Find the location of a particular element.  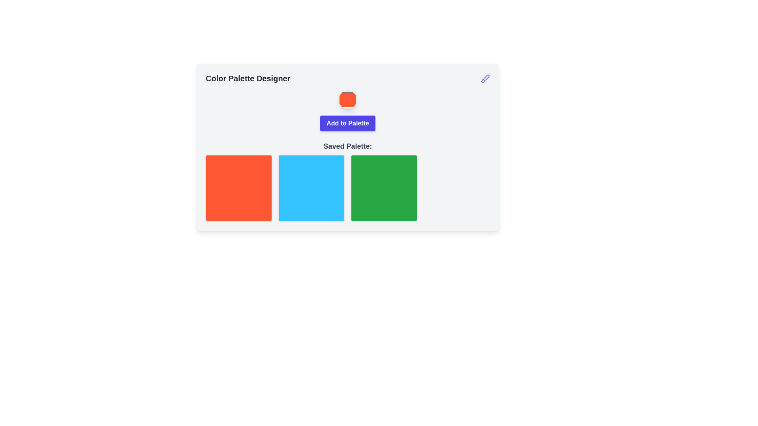

the first Colored Box in the color selection palette, which is located to the left of the light blue square and a green square is located at coordinates (238, 188).